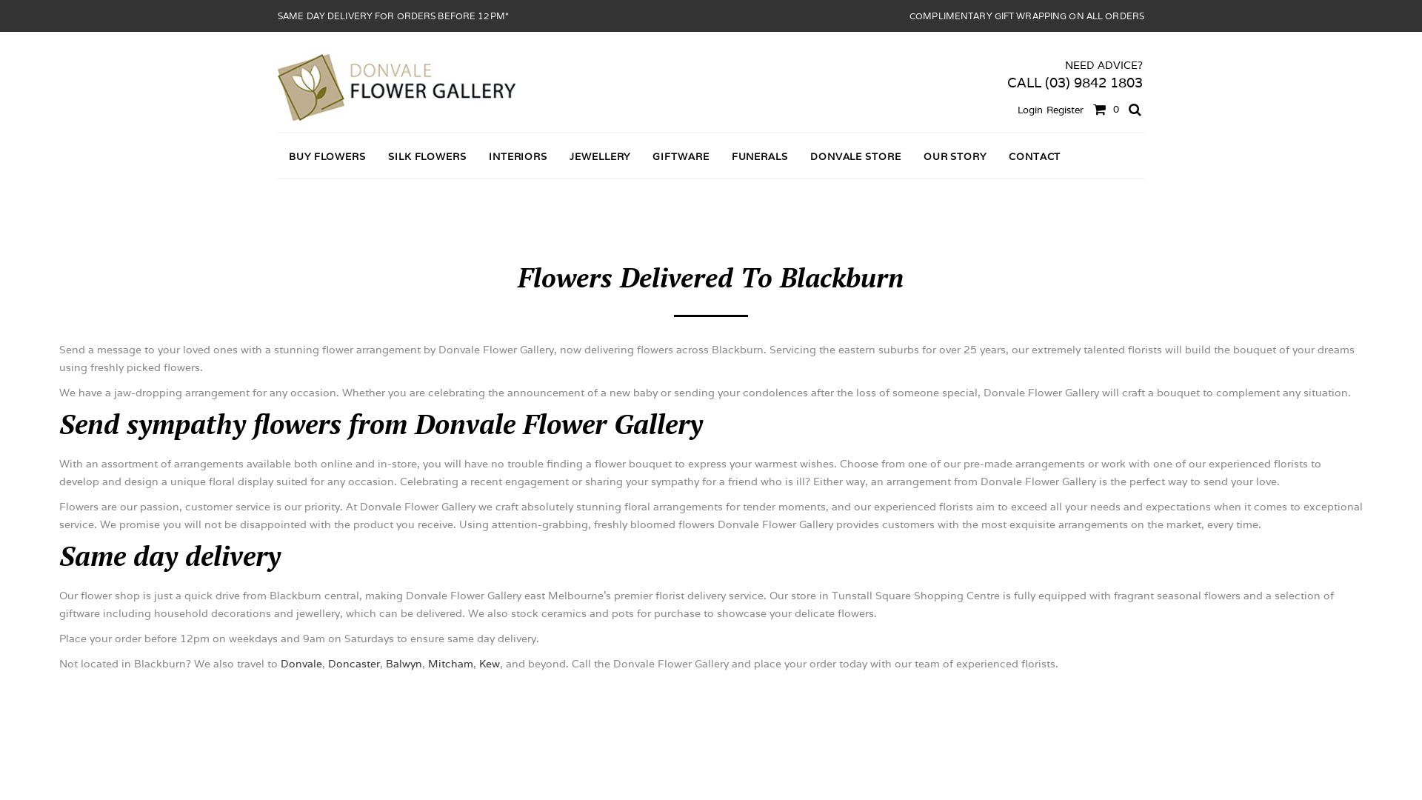 The width and height of the screenshot is (1422, 800). I want to click on 'Donvale', so click(281, 662).